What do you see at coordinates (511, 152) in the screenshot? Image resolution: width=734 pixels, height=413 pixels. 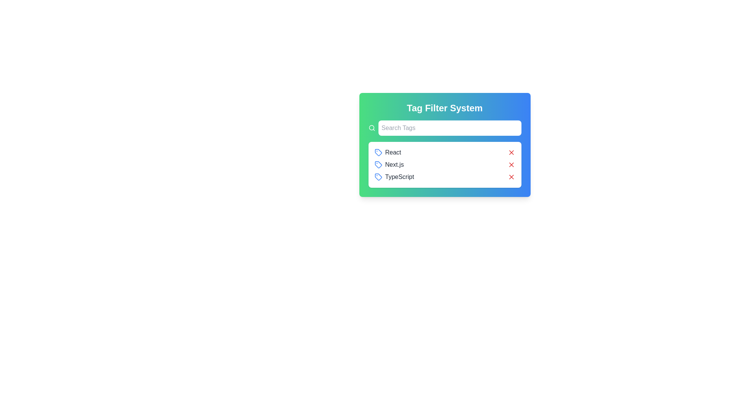 I see `the button used to remove or delete the 'React' tag from the list, located in the right section of the line item labeled 'React'` at bounding box center [511, 152].